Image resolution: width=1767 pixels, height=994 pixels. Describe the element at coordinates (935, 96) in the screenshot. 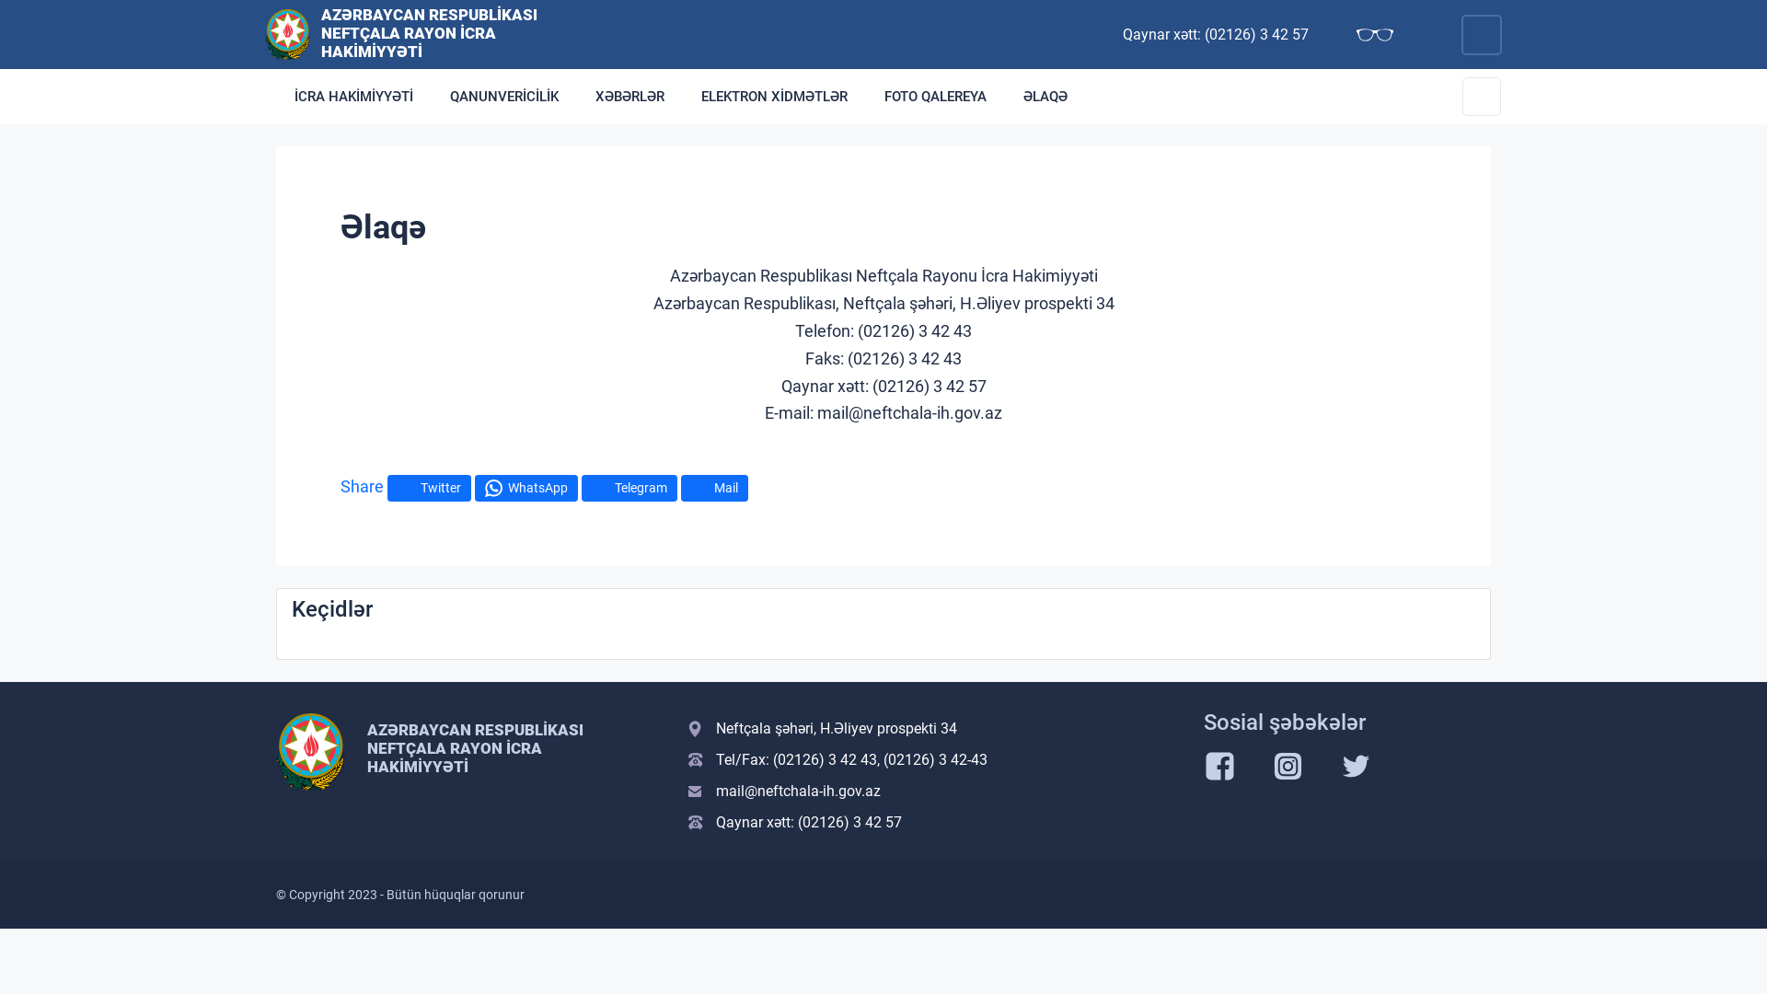

I see `'FOTO QALEREYA'` at that location.